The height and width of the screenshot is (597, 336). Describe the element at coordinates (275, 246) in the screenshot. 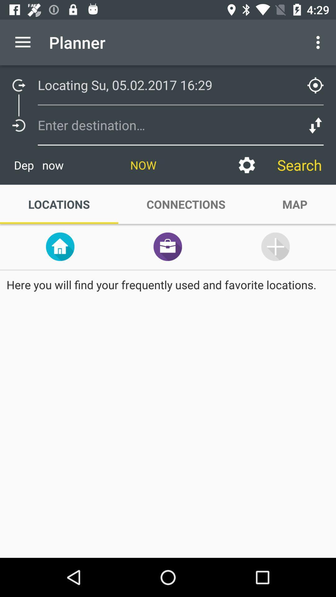

I see `the microphone icon` at that location.